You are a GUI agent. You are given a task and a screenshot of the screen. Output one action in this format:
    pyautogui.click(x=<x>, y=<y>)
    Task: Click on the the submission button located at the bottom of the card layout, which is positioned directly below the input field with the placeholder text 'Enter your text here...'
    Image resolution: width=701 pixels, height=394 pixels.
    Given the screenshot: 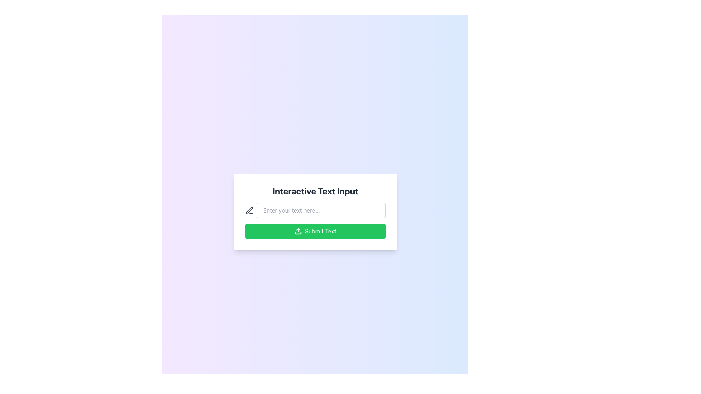 What is the action you would take?
    pyautogui.click(x=315, y=231)
    